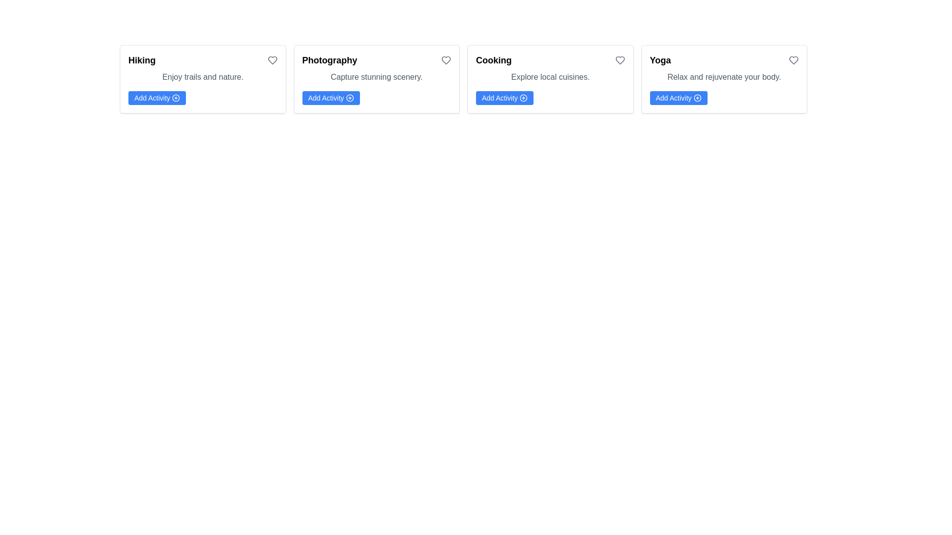  I want to click on the blue rectangular 'Add Activity' button with a white '+' icon, located below the 'Relax and rejuvenate your body.' text in the 'Yoga' activity card, so click(678, 98).